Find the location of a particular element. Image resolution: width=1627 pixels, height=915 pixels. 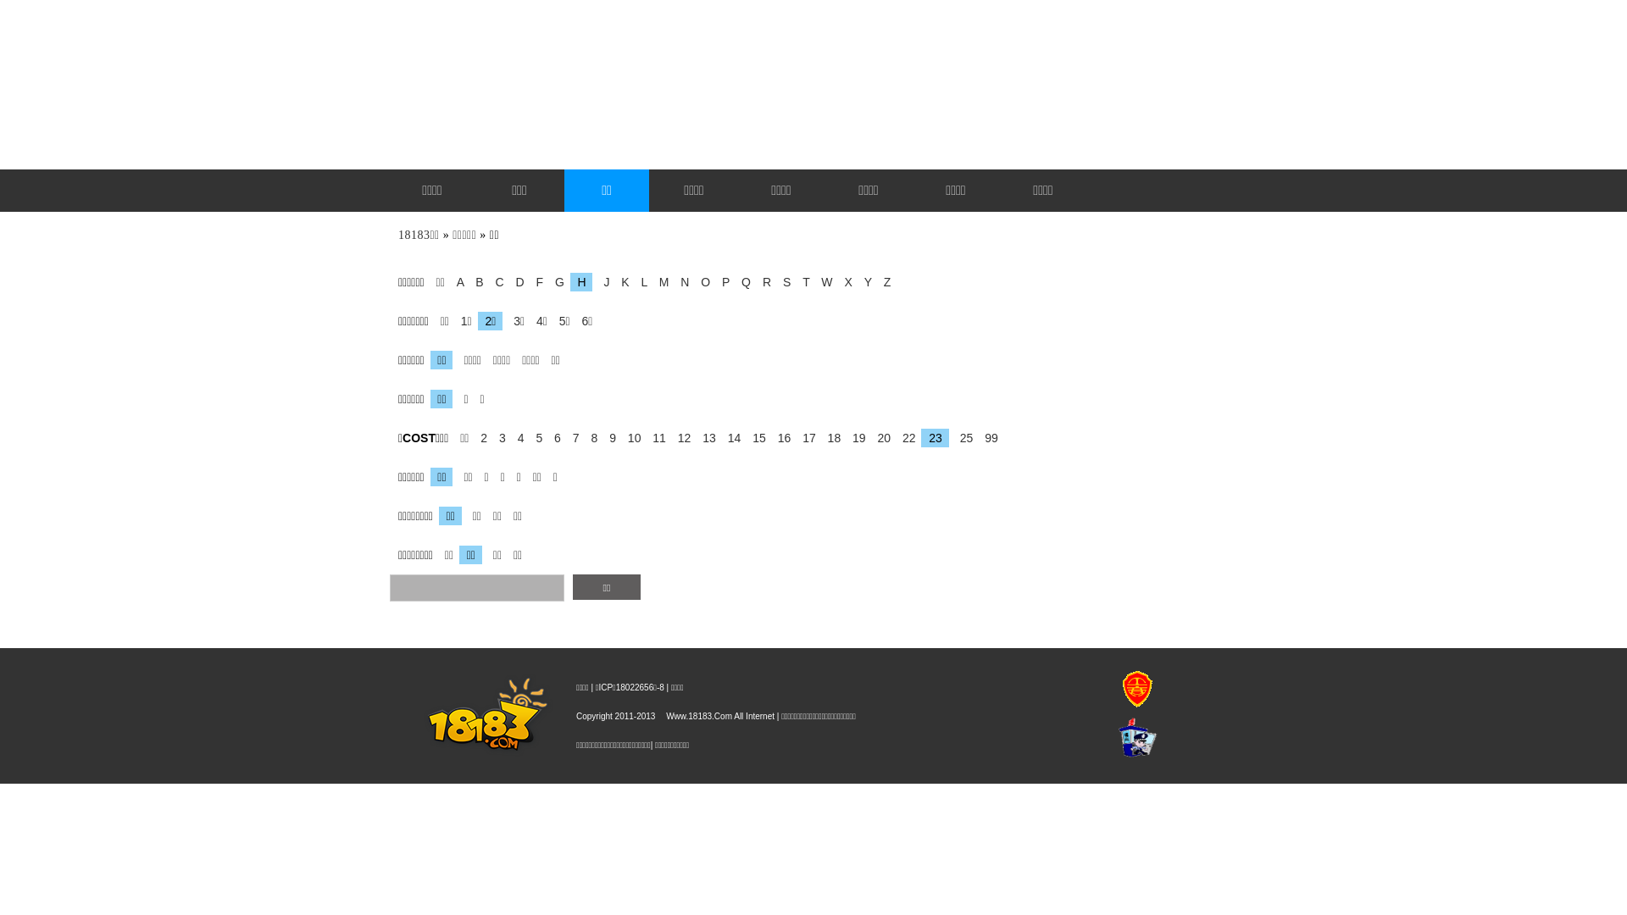

'4' is located at coordinates (515, 436).